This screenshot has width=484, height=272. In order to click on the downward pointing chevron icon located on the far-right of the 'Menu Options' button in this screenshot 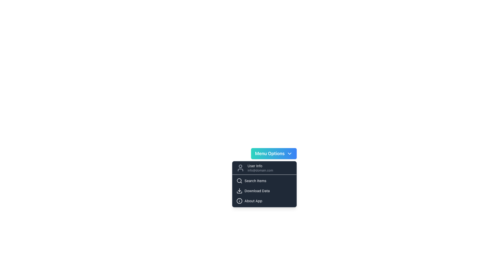, I will do `click(290, 153)`.